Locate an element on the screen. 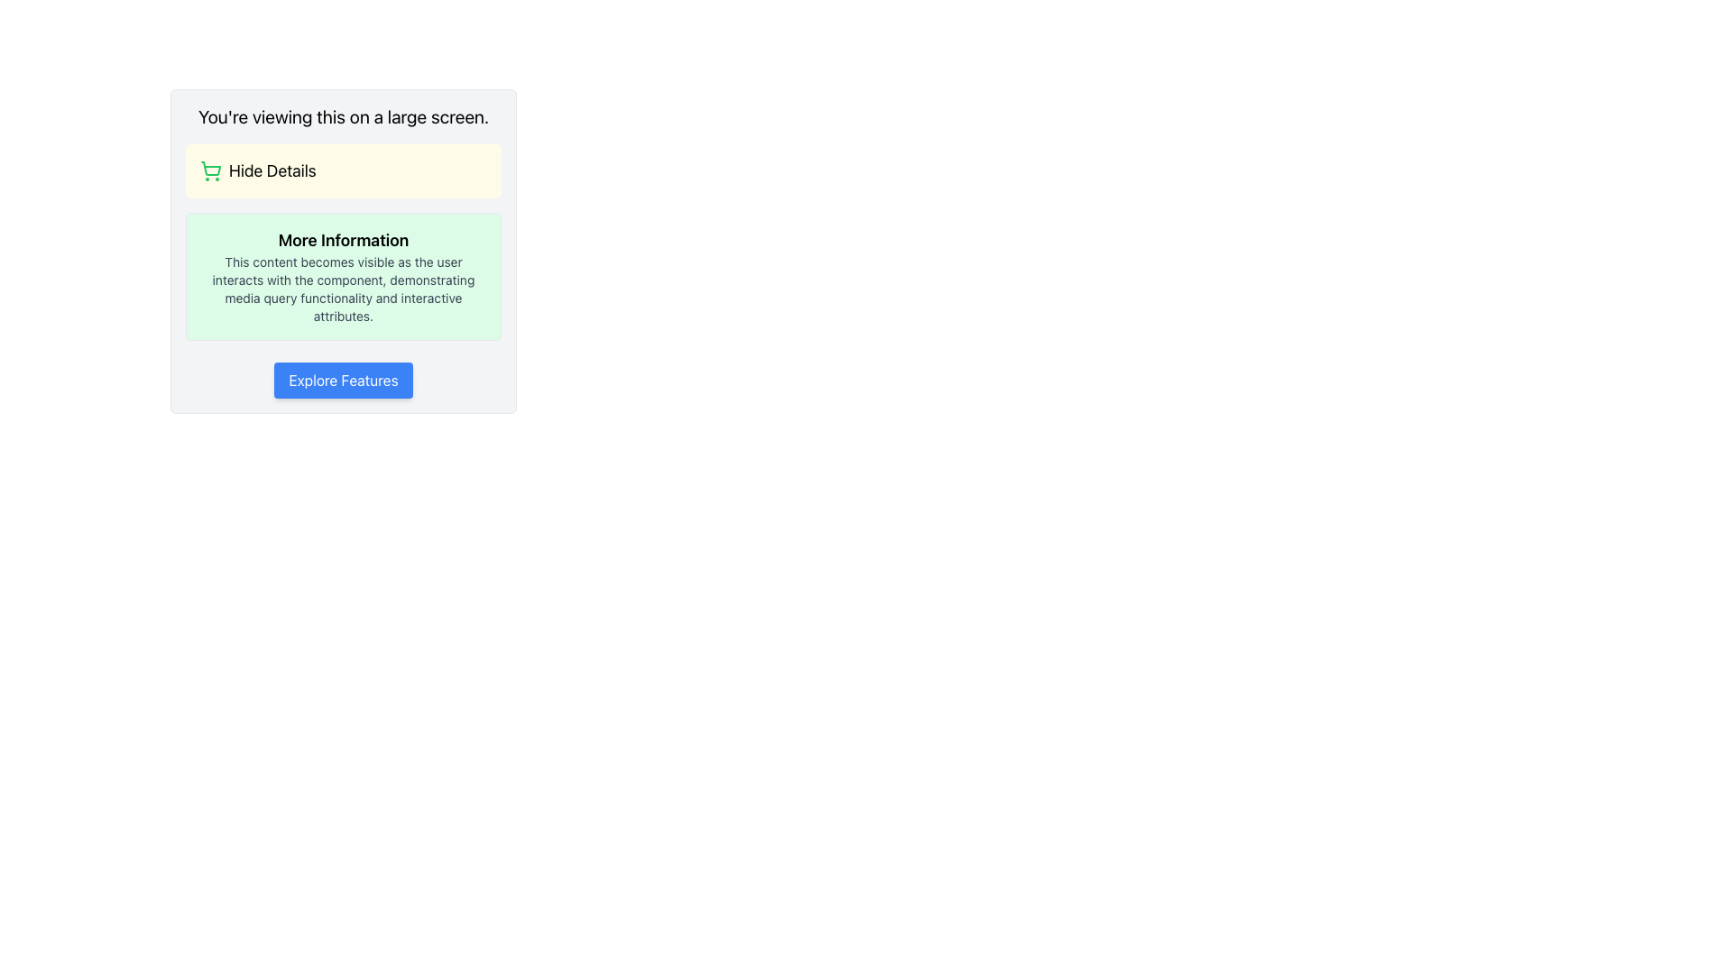 This screenshot has height=974, width=1732. the button positioned at the bottom of the visible card layout is located at coordinates (343, 379).